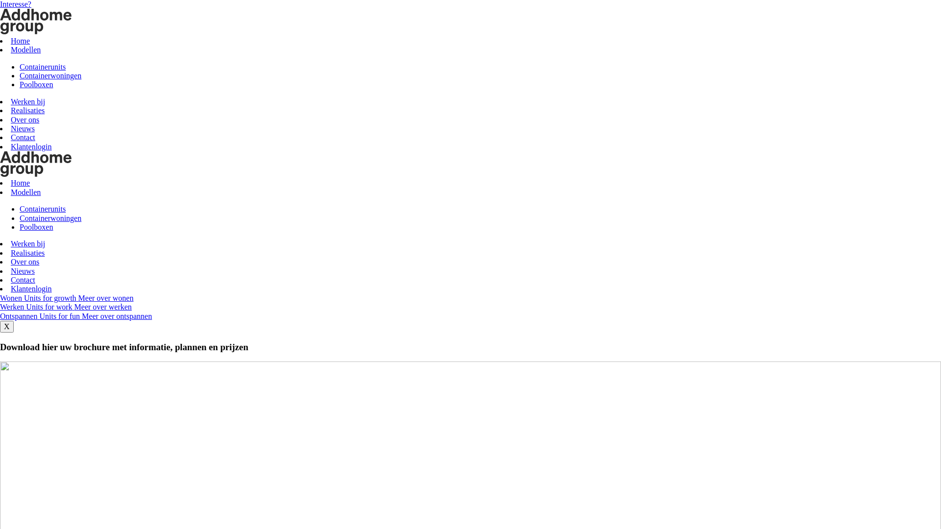 Image resolution: width=941 pixels, height=529 pixels. What do you see at coordinates (27, 252) in the screenshot?
I see `'Realisaties'` at bounding box center [27, 252].